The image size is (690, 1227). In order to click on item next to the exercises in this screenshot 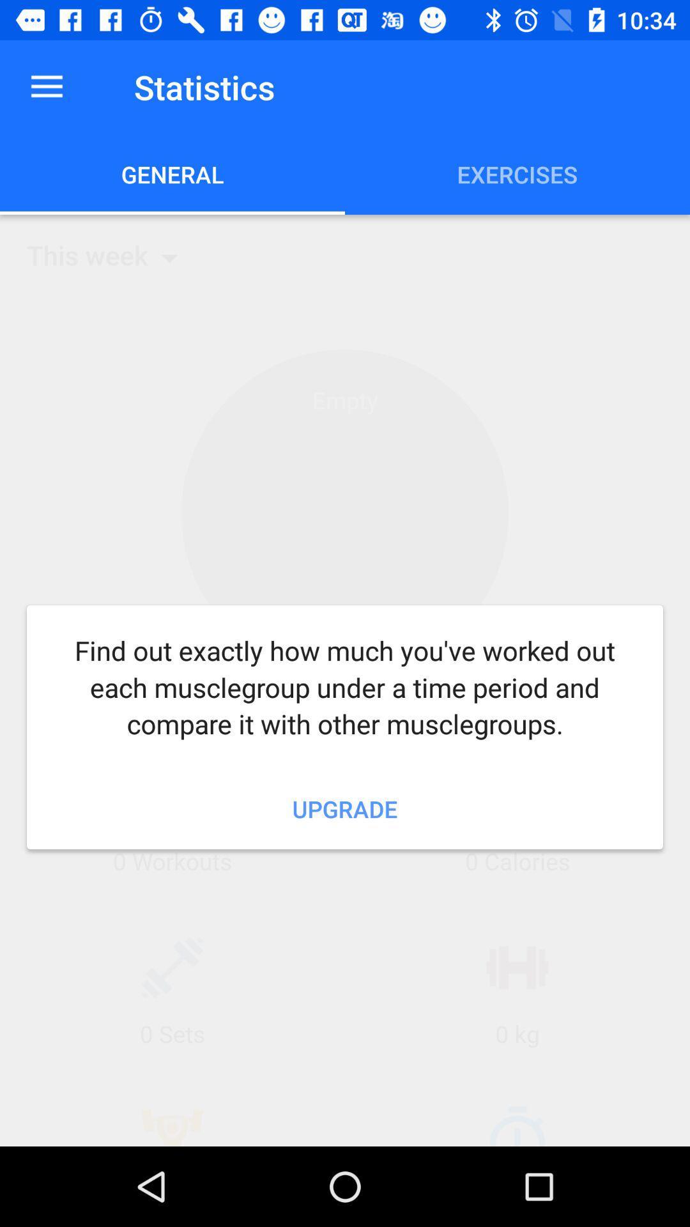, I will do `click(172, 174)`.